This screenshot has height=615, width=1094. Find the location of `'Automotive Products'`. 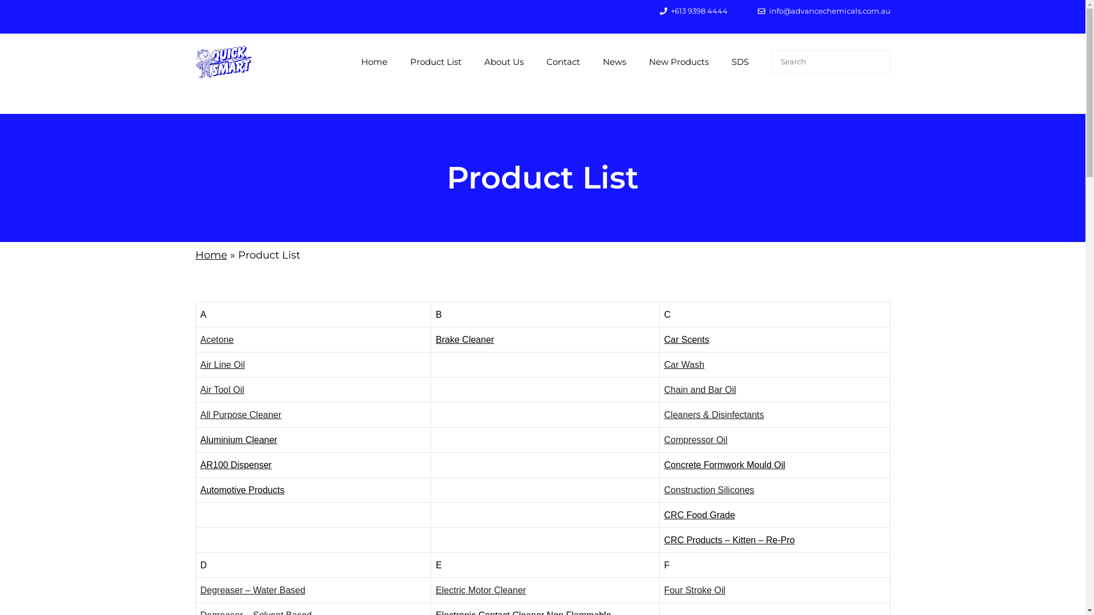

'Automotive Products' is located at coordinates (242, 489).